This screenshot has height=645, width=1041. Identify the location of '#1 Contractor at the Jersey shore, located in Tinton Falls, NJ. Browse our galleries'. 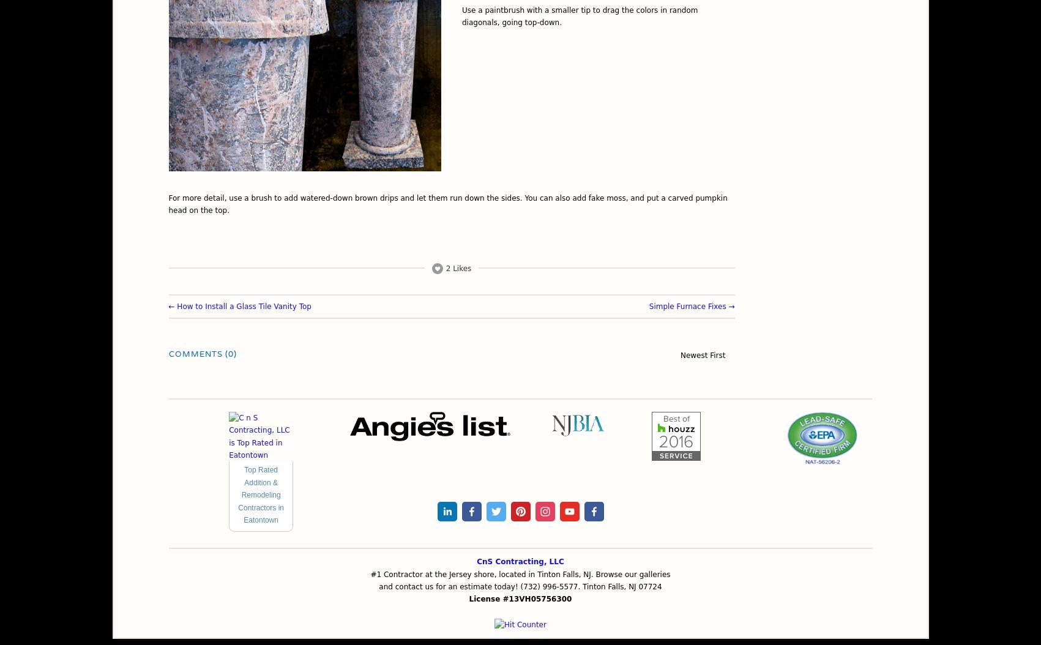
(370, 573).